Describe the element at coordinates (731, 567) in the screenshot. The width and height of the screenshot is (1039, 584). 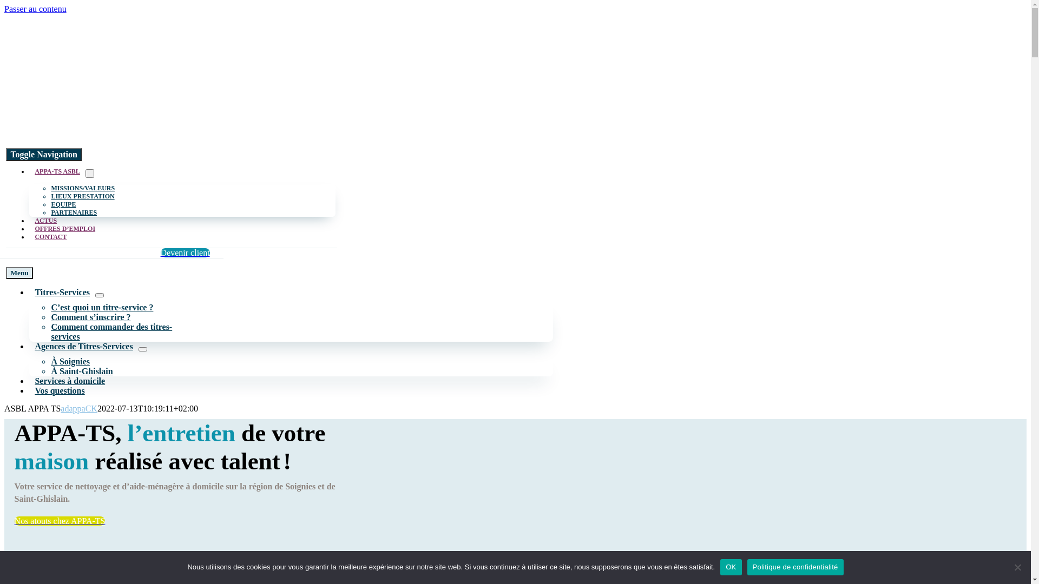
I see `'OK'` at that location.